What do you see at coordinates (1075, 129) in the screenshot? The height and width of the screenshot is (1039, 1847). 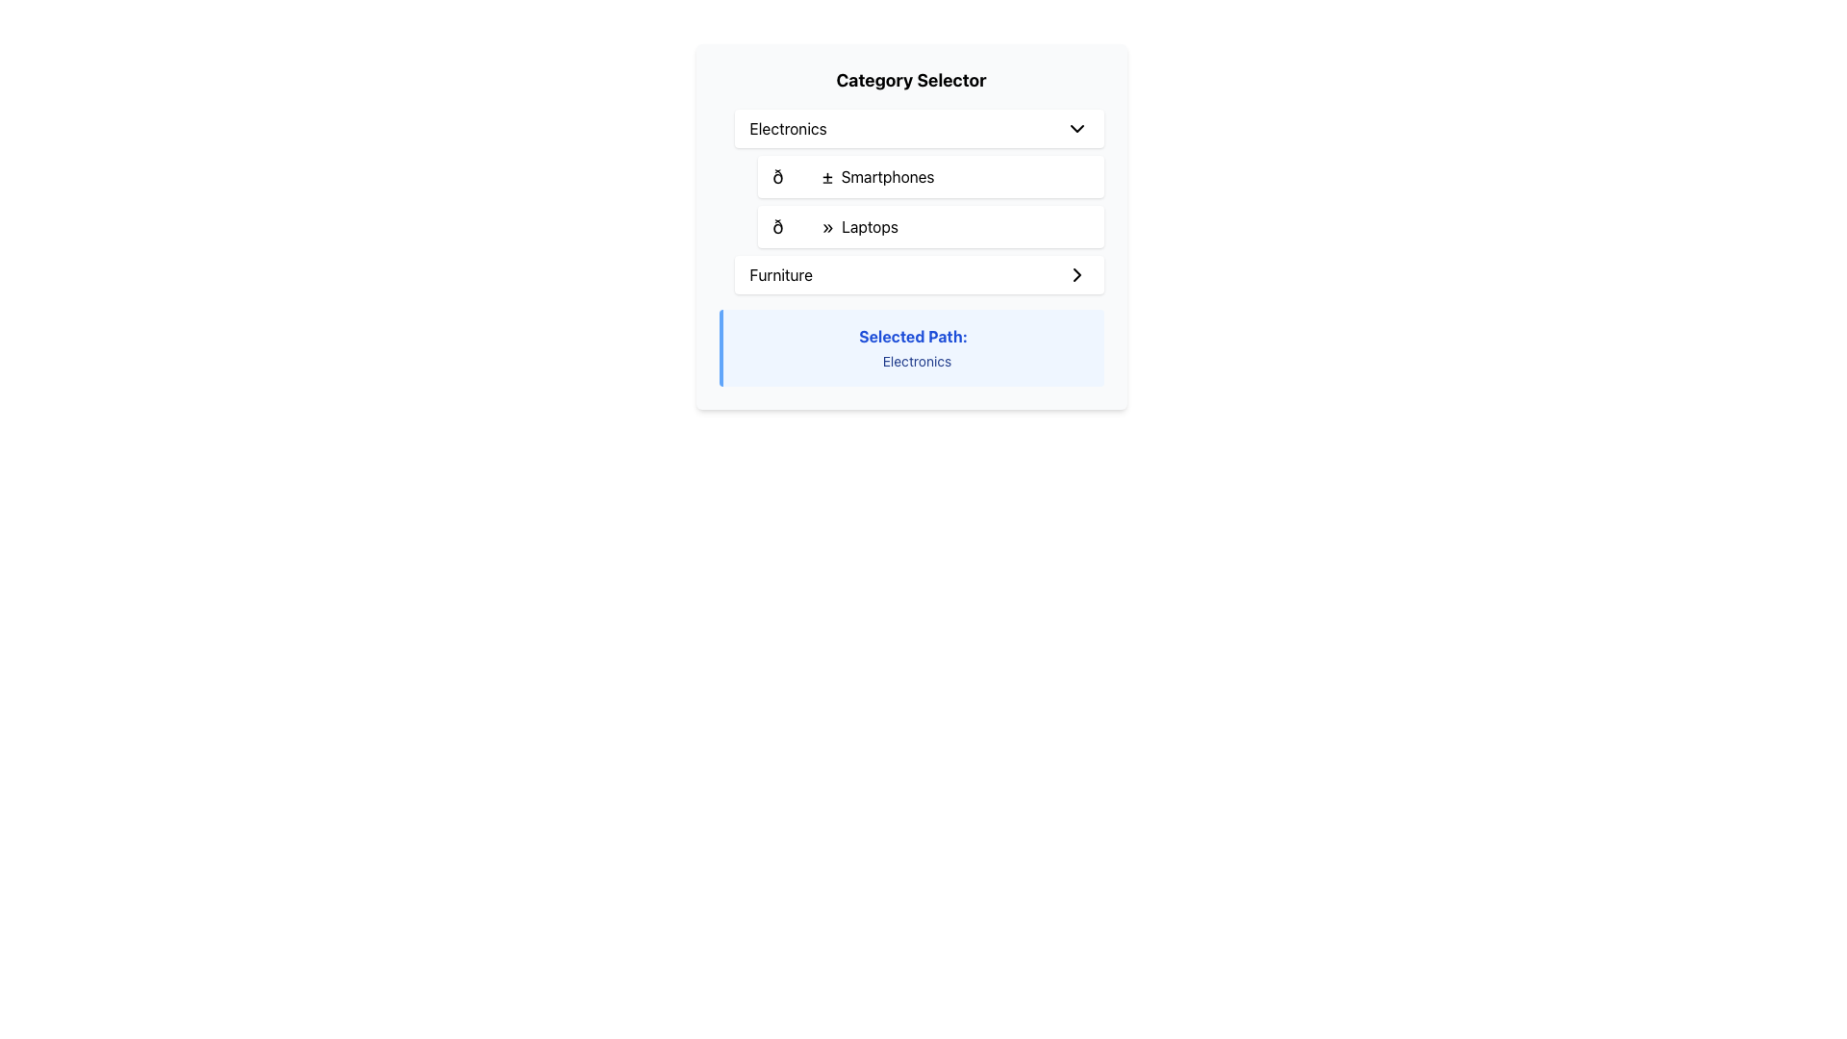 I see `the downward-pointing chevron icon located at the right side of the 'Electronics' button in the dropdown menu` at bounding box center [1075, 129].